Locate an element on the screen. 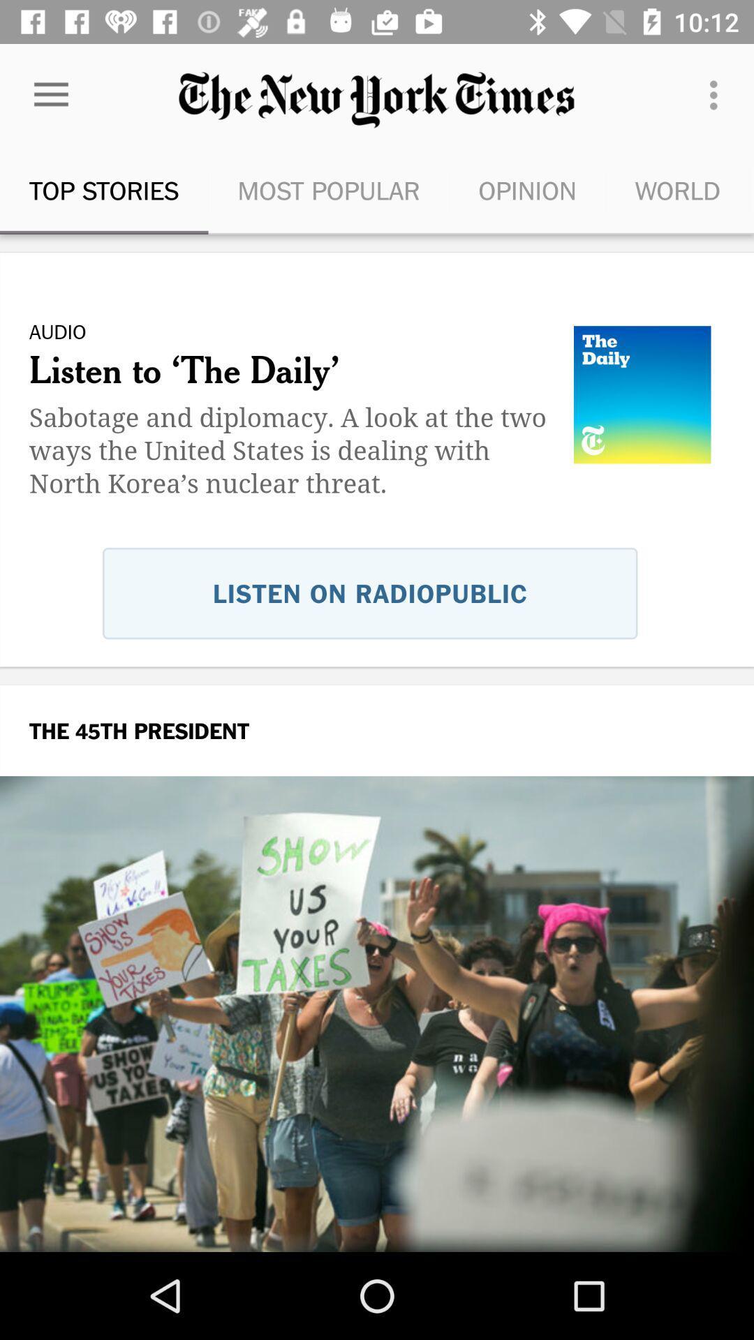  open audio is located at coordinates (377, 493).